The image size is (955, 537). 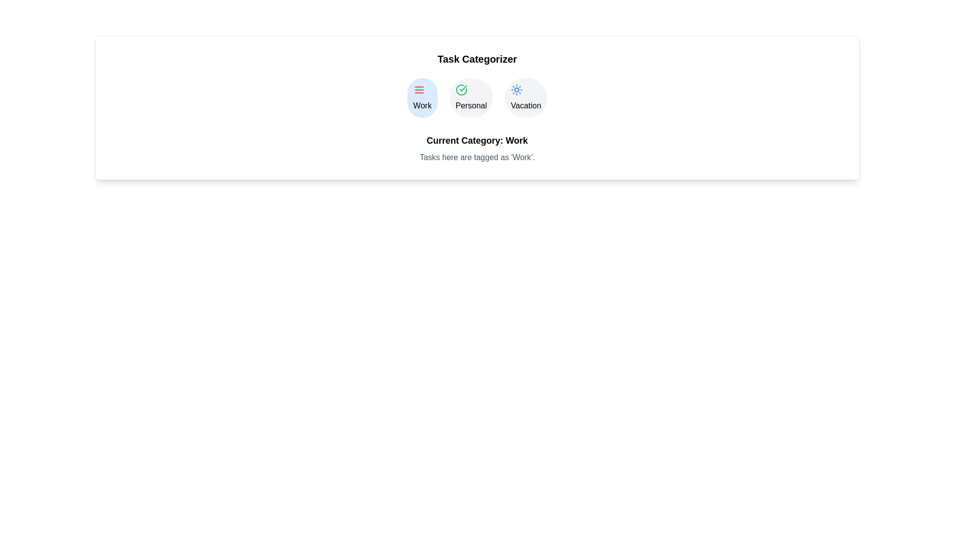 What do you see at coordinates (477, 97) in the screenshot?
I see `the circular sections in the mode selector for task categorization located below 'Task Categorizer'` at bounding box center [477, 97].